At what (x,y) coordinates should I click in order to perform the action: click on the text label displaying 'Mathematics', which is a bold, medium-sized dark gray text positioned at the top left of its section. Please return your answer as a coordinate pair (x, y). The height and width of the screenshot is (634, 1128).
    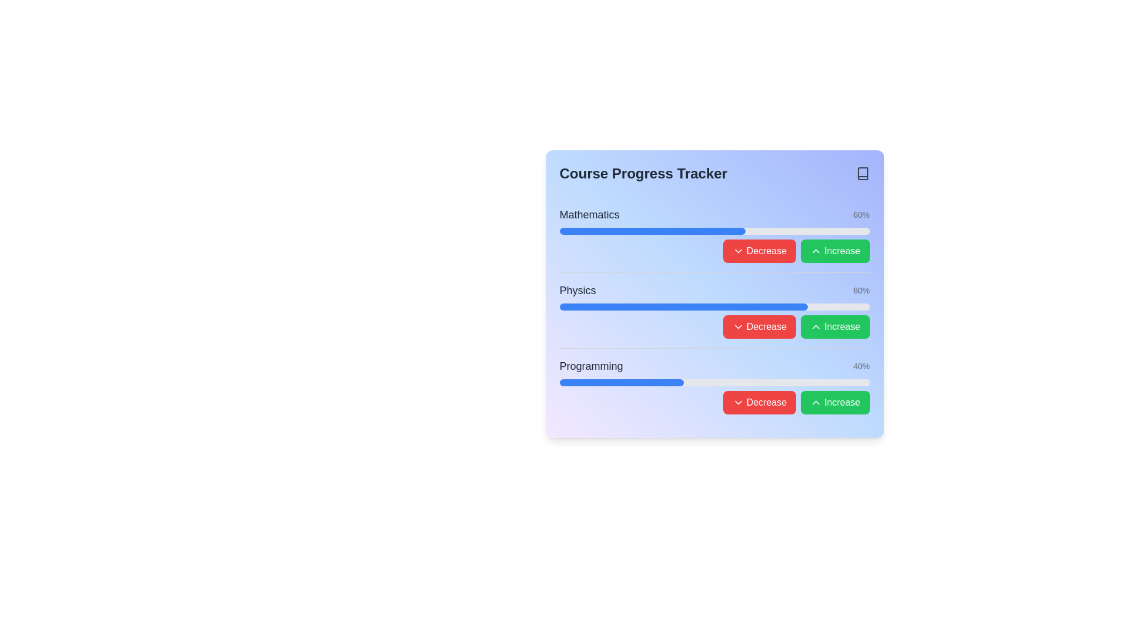
    Looking at the image, I should click on (589, 215).